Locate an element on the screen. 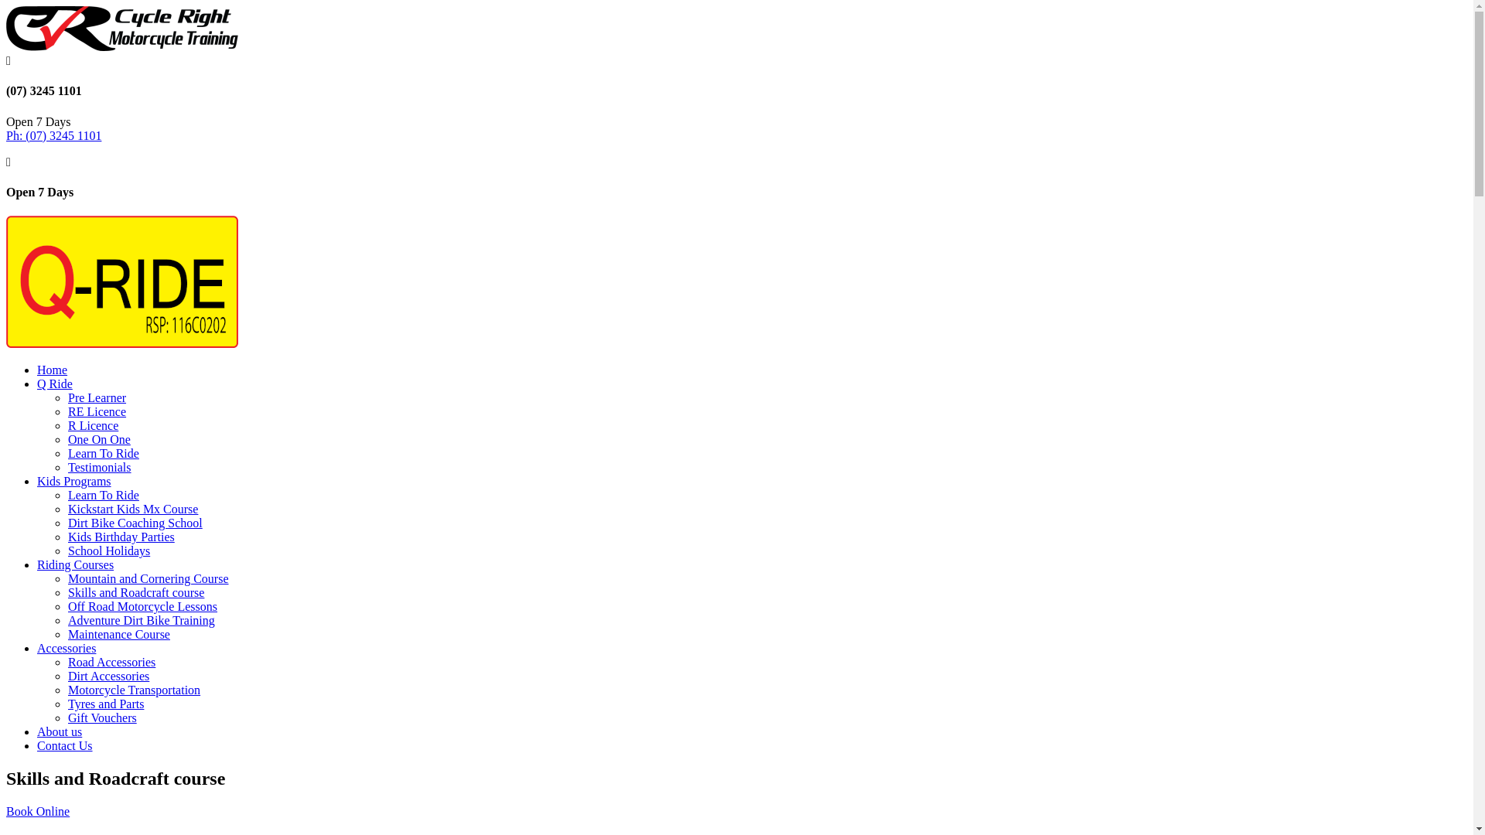  'Home' is located at coordinates (52, 370).